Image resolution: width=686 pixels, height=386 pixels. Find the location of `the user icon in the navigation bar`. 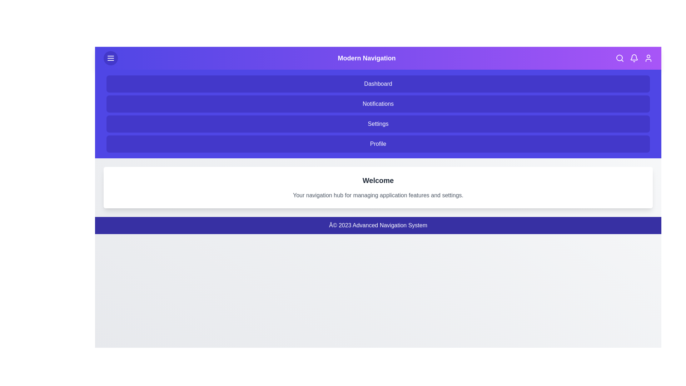

the user icon in the navigation bar is located at coordinates (648, 58).